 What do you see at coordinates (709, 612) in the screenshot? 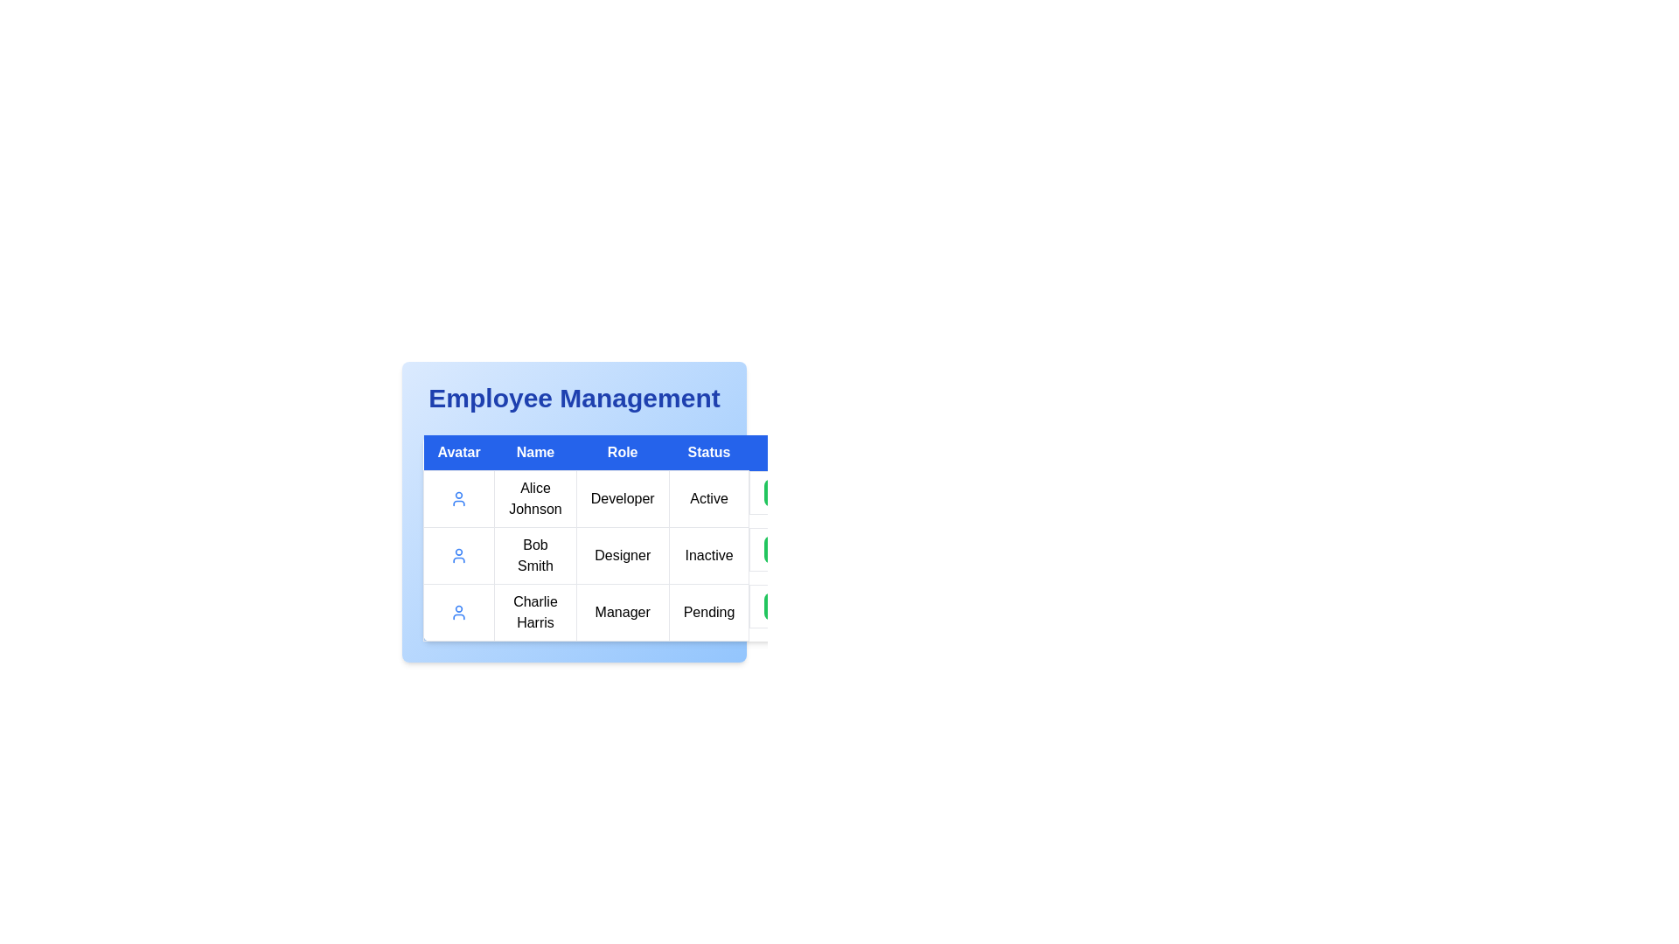
I see `the 'Pending' text label in the 'Status' column of the third row associated with 'Charlie Harris'` at bounding box center [709, 612].